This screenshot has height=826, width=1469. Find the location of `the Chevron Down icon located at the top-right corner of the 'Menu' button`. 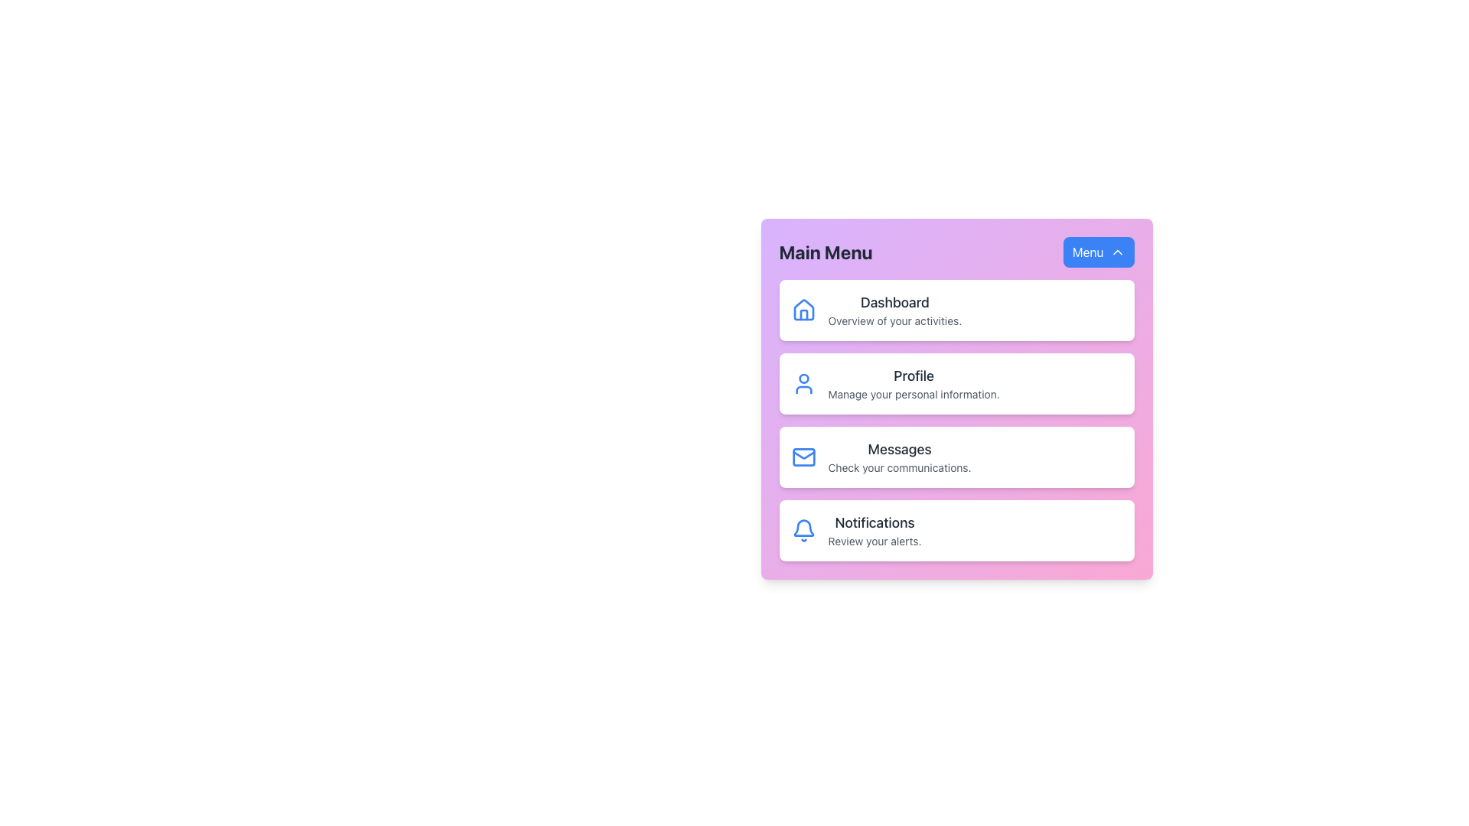

the Chevron Down icon located at the top-right corner of the 'Menu' button is located at coordinates (1117, 252).